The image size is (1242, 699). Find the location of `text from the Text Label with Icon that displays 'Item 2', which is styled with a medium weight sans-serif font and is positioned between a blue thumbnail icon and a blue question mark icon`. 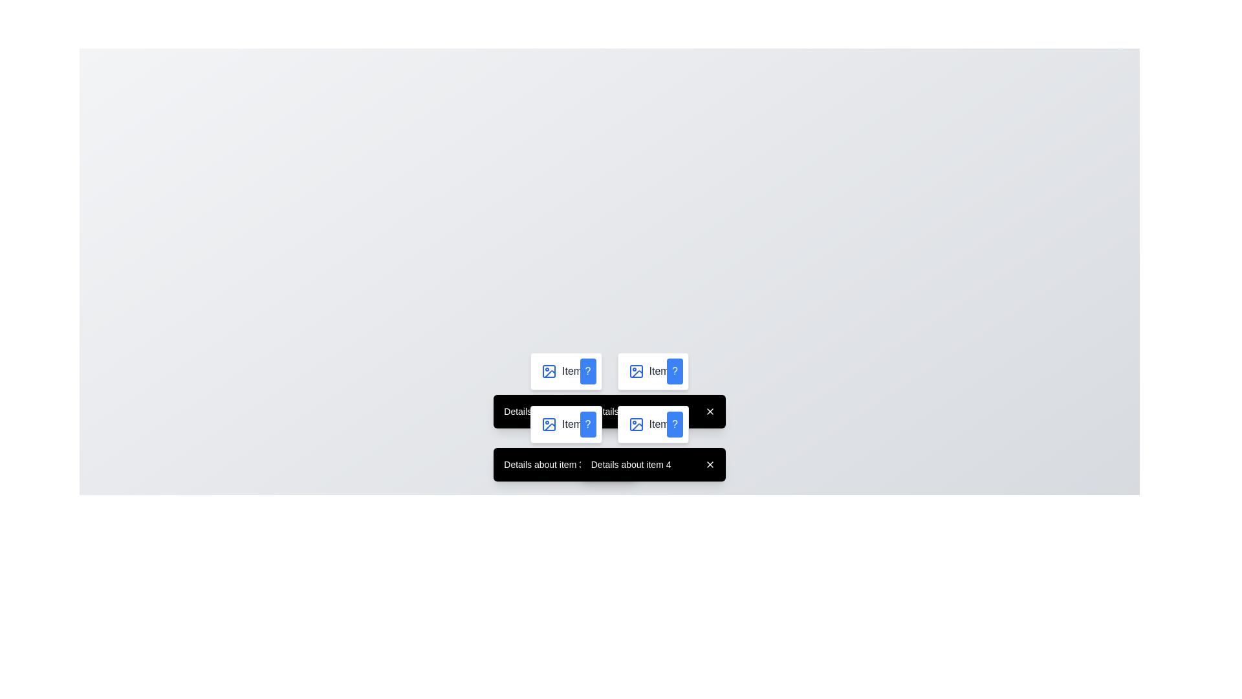

text from the Text Label with Icon that displays 'Item 2', which is styled with a medium weight sans-serif font and is positioned between a blue thumbnail icon and a blue question mark icon is located at coordinates (653, 372).